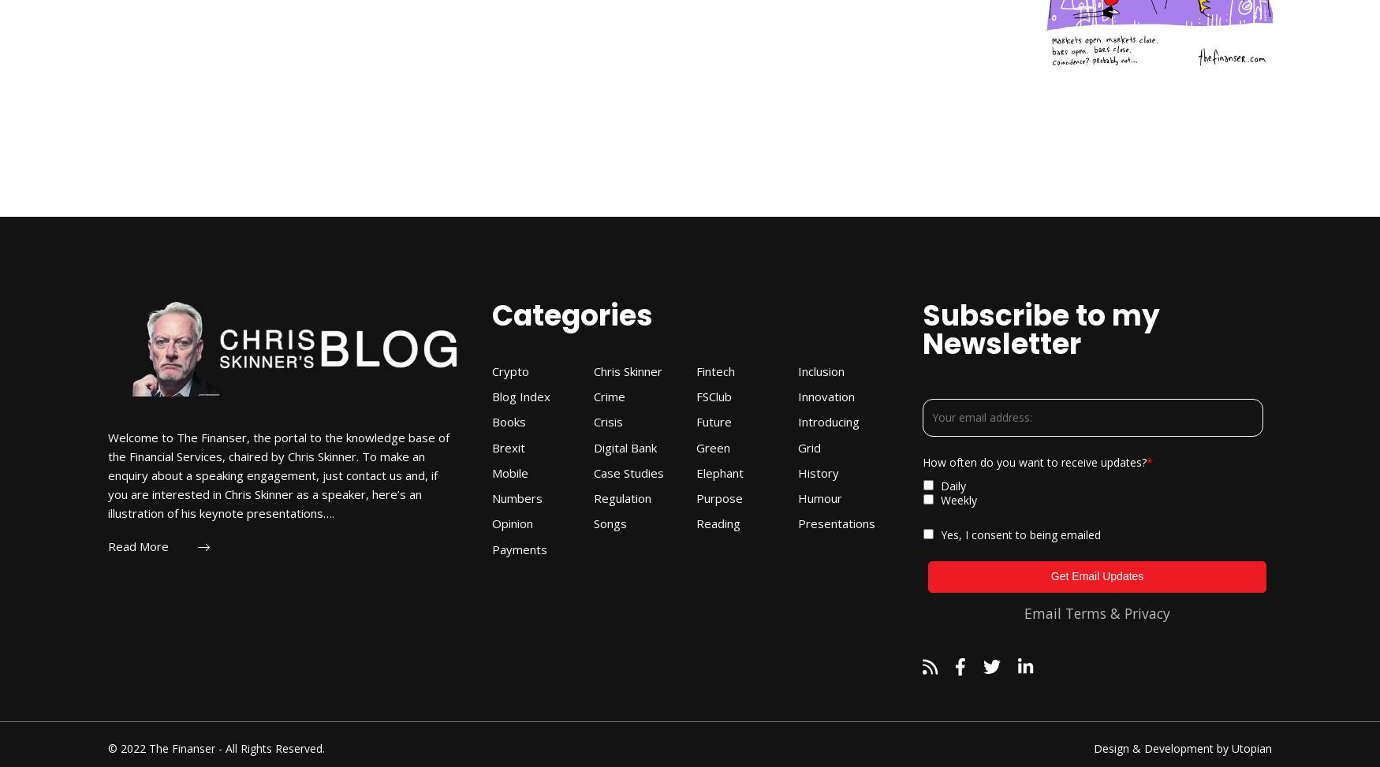 Image resolution: width=1380 pixels, height=767 pixels. I want to click on 'Future', so click(712, 420).